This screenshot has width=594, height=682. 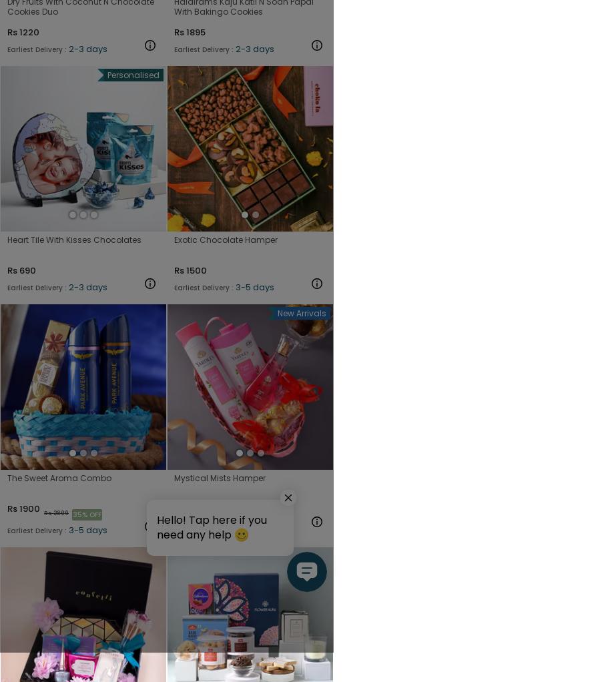 What do you see at coordinates (27, 270) in the screenshot?
I see `'690'` at bounding box center [27, 270].